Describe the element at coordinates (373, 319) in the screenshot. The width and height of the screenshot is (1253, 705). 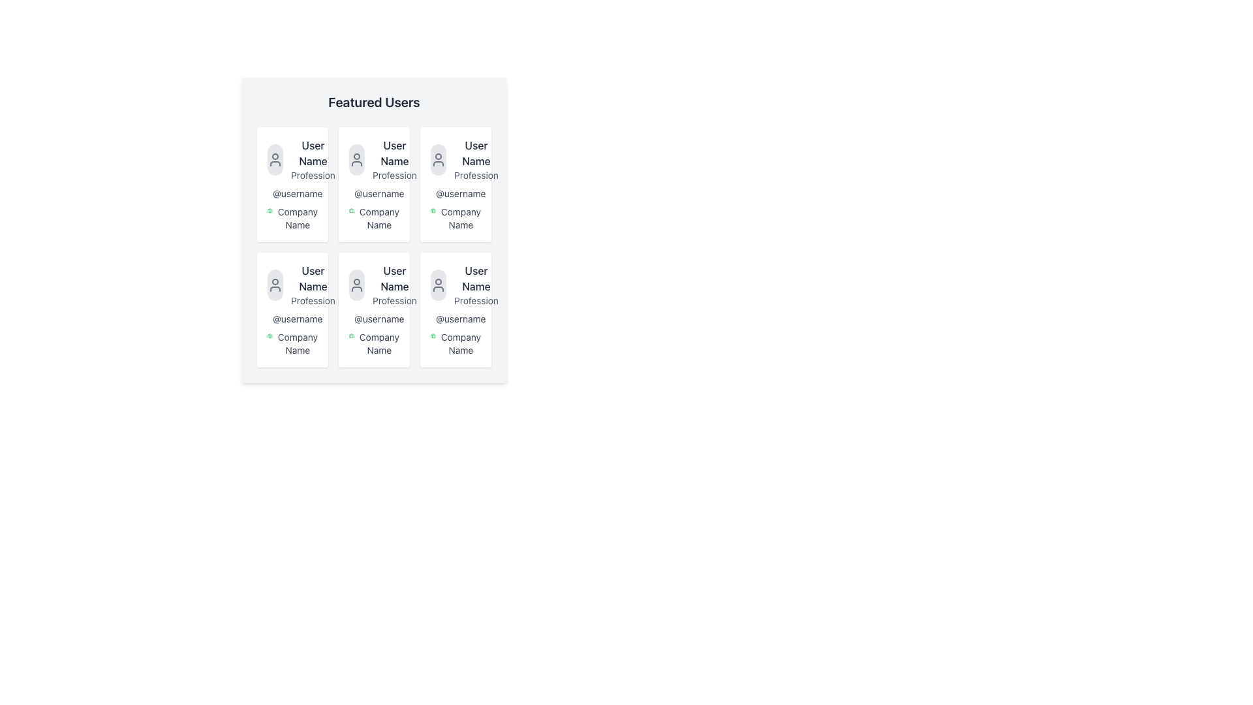
I see `text content of the username identifier label located in the third column and second row of the user cards grid, positioned centrally below the user's profession and above their company name` at that location.